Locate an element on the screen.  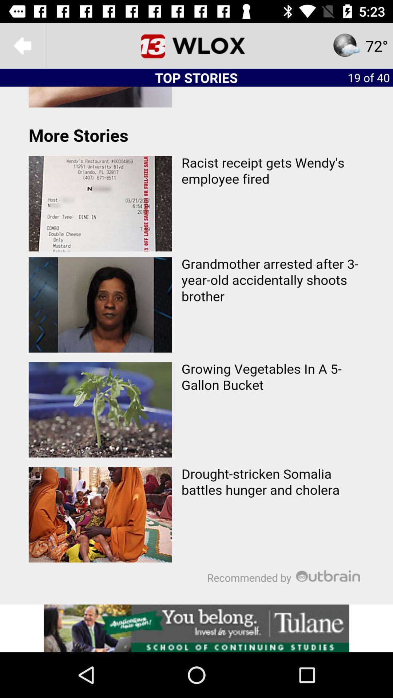
more stories is located at coordinates (196, 345).